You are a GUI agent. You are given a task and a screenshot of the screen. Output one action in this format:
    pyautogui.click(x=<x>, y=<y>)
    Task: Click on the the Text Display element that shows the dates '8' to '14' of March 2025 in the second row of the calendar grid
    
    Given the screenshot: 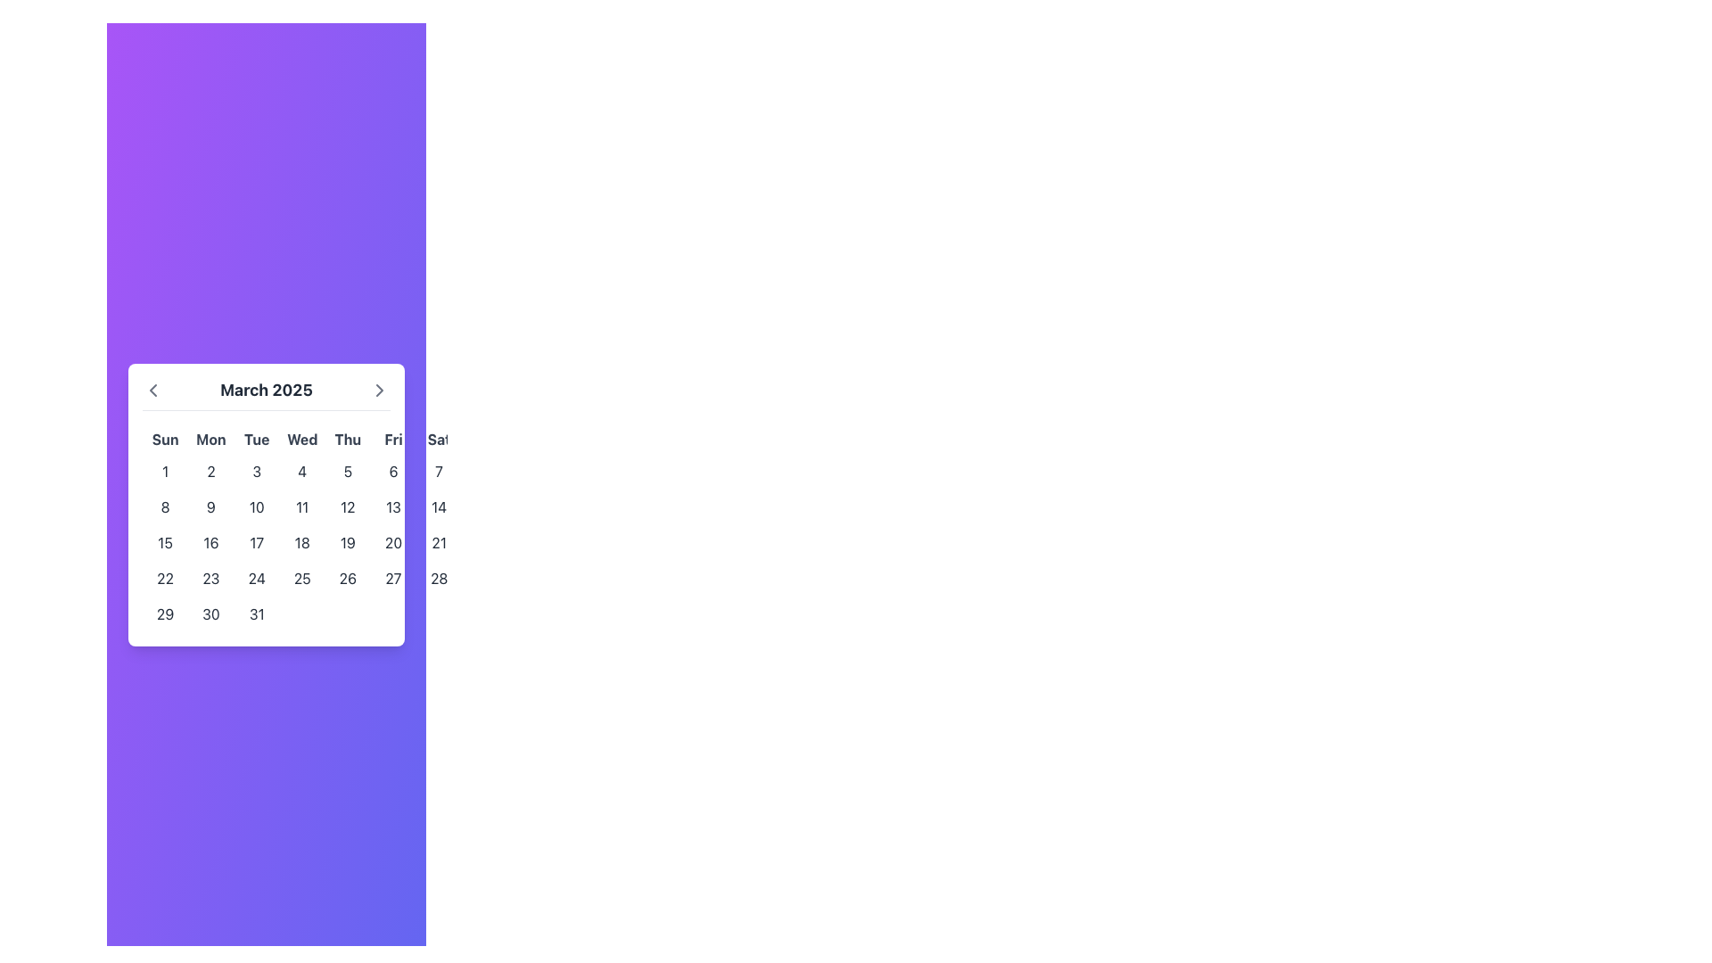 What is the action you would take?
    pyautogui.click(x=302, y=506)
    